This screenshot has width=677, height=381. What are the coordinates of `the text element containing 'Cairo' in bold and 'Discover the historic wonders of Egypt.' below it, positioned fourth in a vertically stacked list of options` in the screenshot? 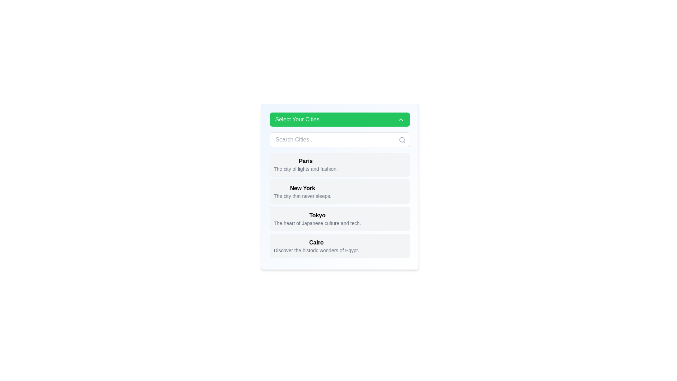 It's located at (316, 246).